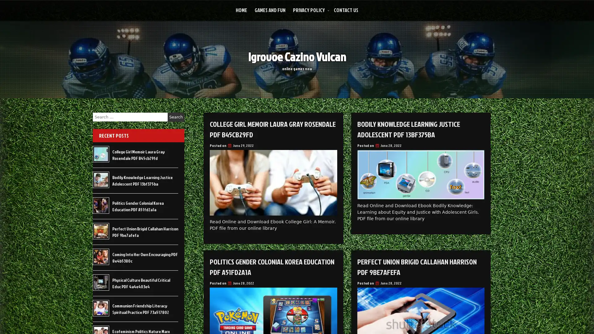  Describe the element at coordinates (176, 117) in the screenshot. I see `Search` at that location.